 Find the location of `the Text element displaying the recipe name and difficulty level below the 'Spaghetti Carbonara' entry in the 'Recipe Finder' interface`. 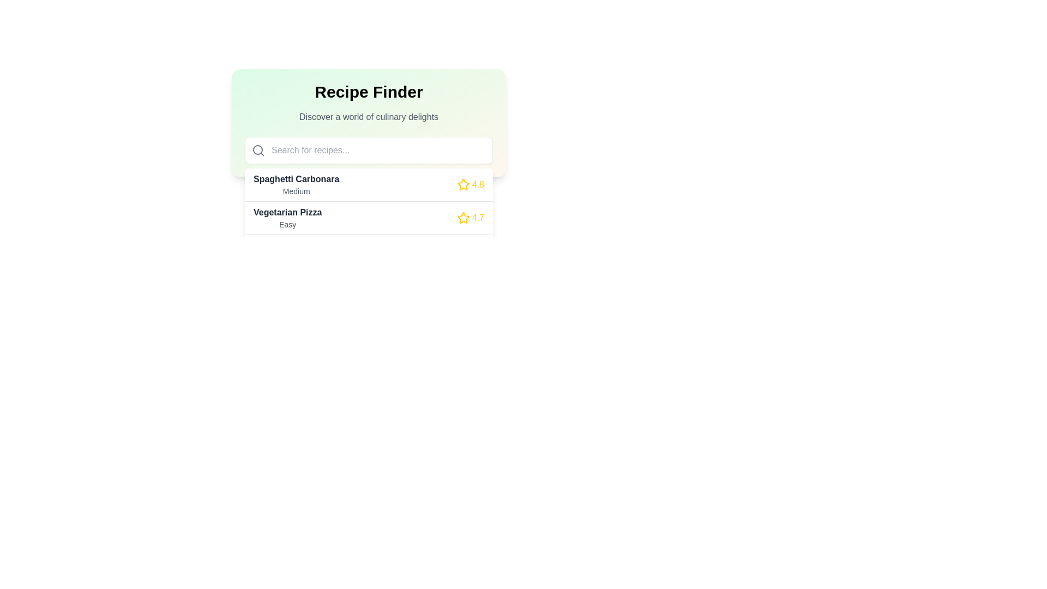

the Text element displaying the recipe name and difficulty level below the 'Spaghetti Carbonara' entry in the 'Recipe Finder' interface is located at coordinates (287, 218).